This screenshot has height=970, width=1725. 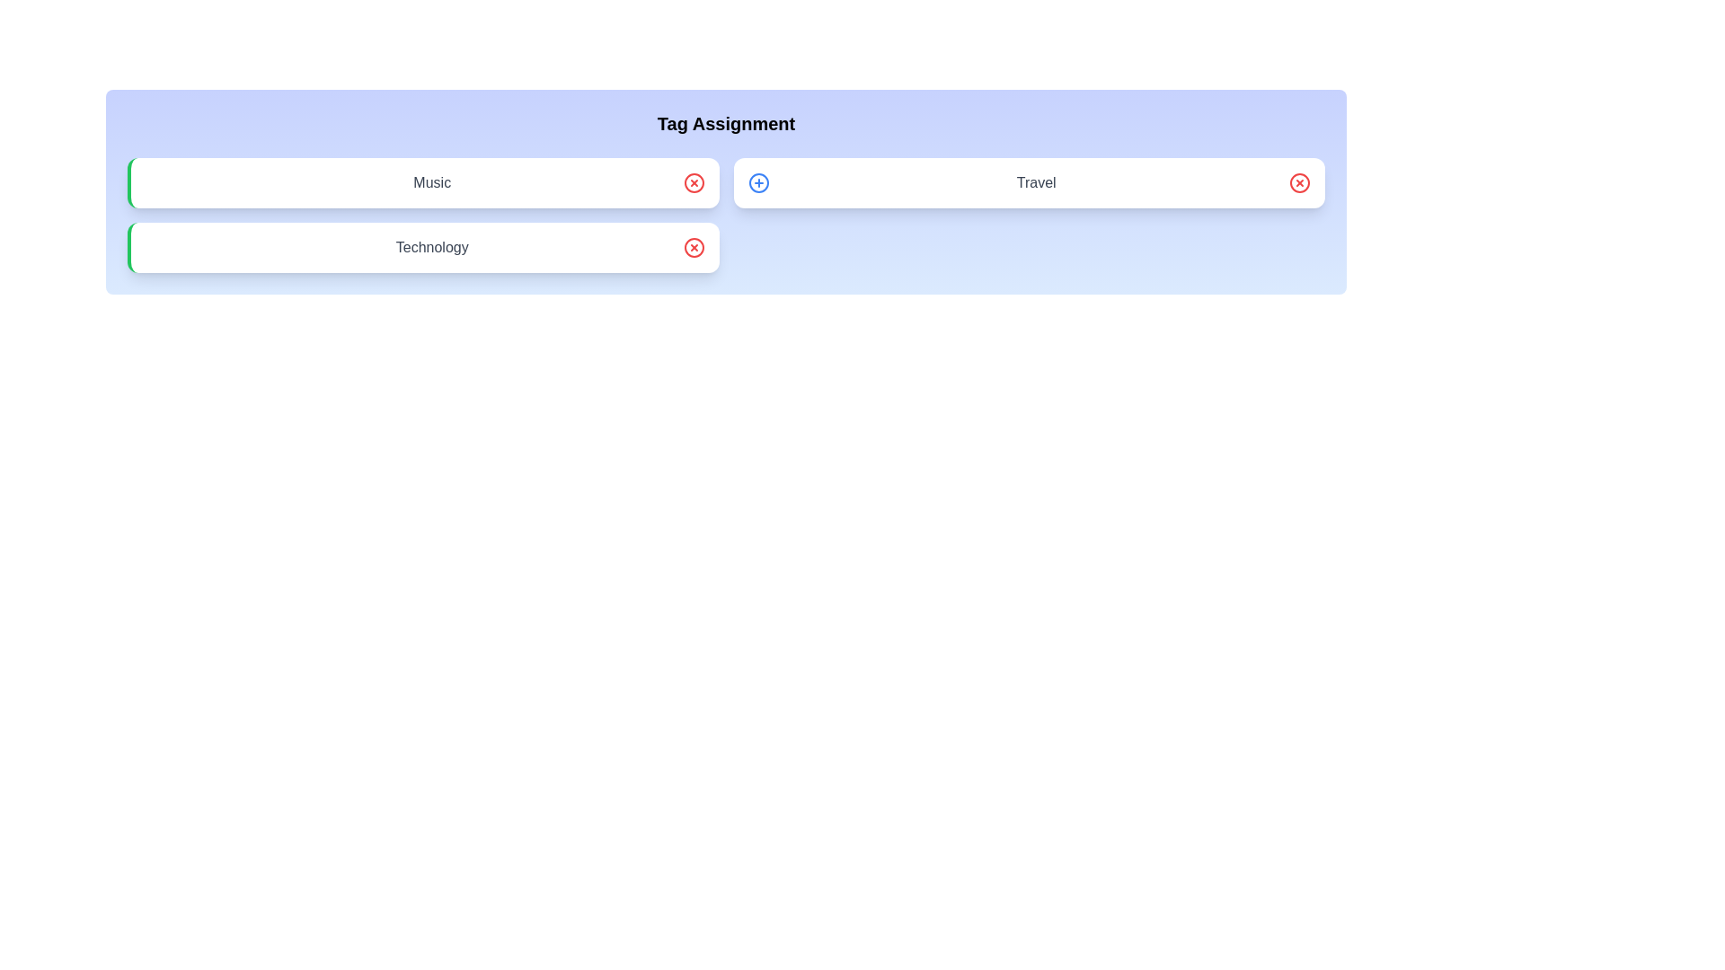 What do you see at coordinates (422, 183) in the screenshot?
I see `the tag labeled 'Music' to observe hover-specific effects` at bounding box center [422, 183].